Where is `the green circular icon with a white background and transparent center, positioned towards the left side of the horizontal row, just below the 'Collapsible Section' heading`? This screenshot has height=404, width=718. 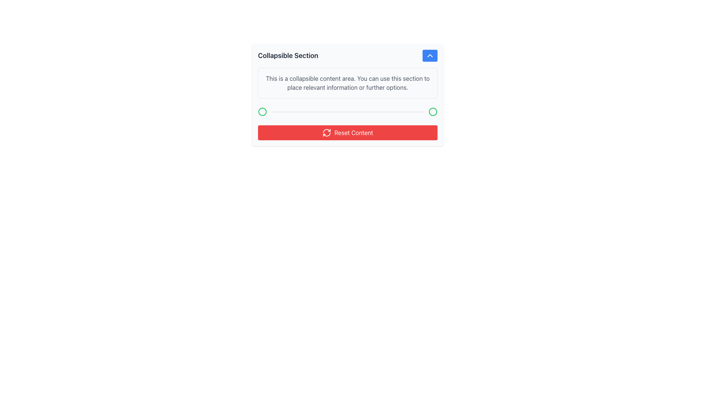
the green circular icon with a white background and transparent center, positioned towards the left side of the horizontal row, just below the 'Collapsible Section' heading is located at coordinates (262, 112).